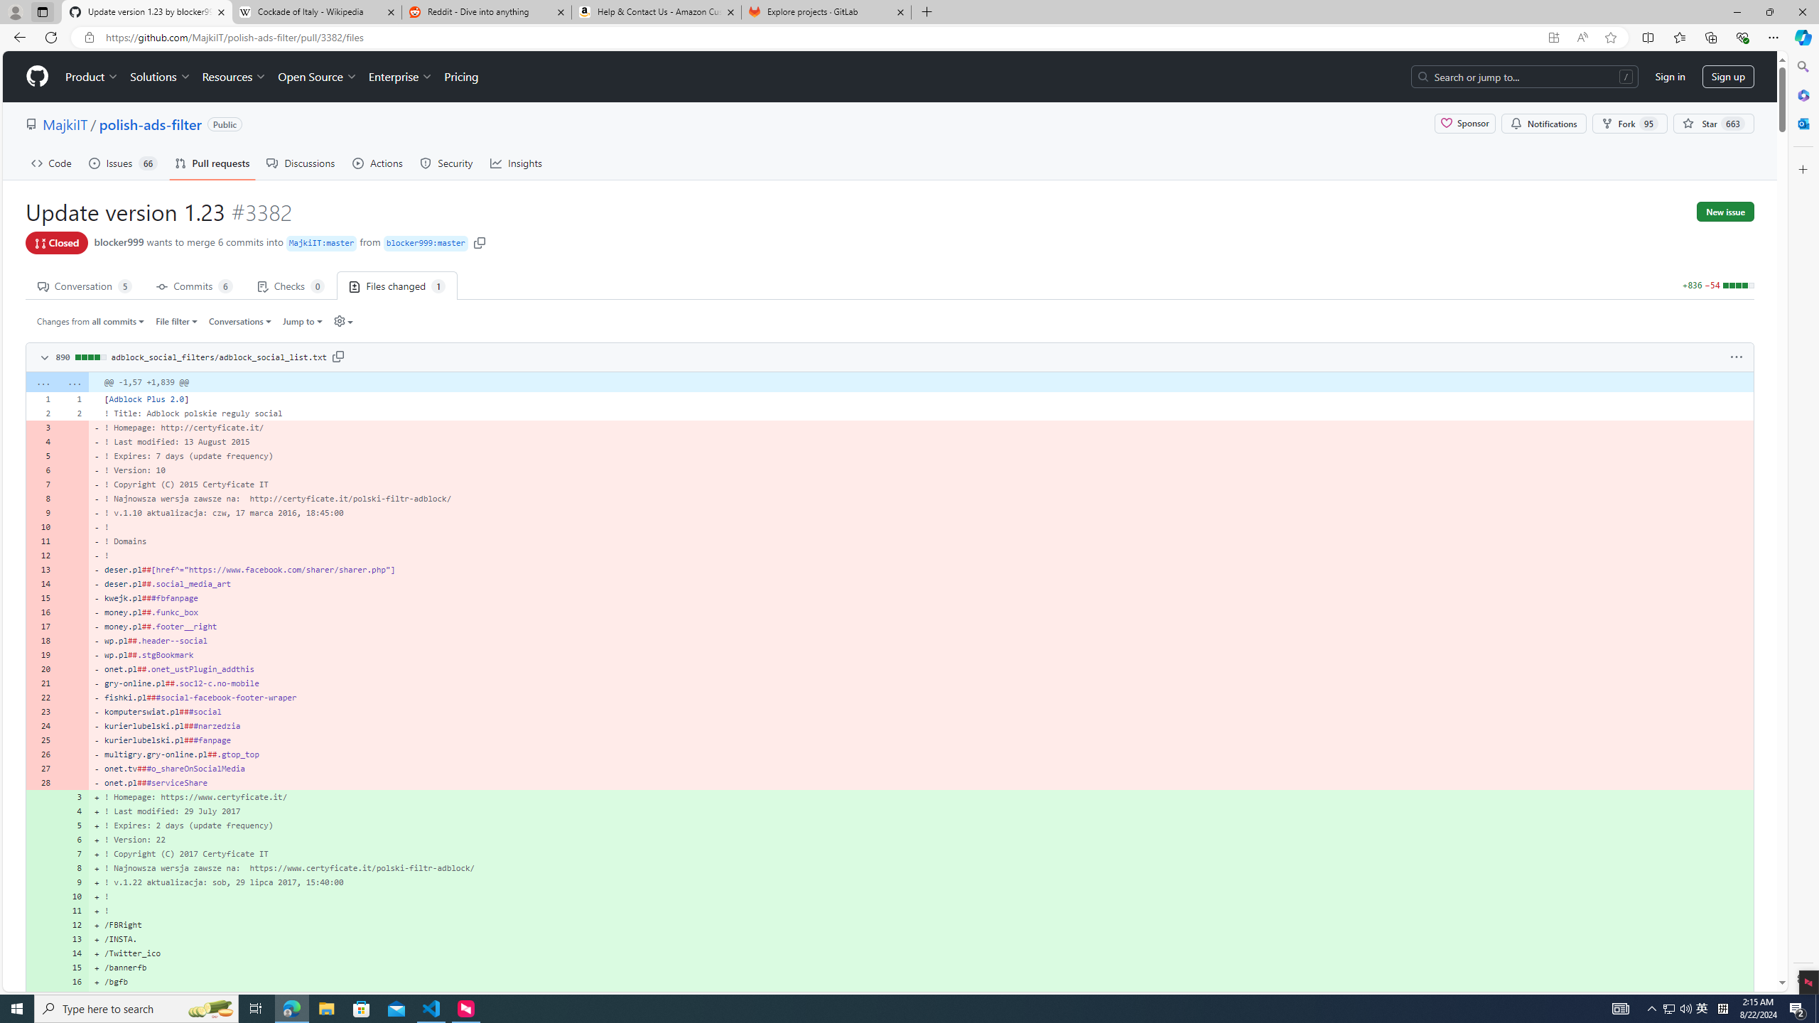 The height and width of the screenshot is (1023, 1819). What do you see at coordinates (72, 938) in the screenshot?
I see `'13'` at bounding box center [72, 938].